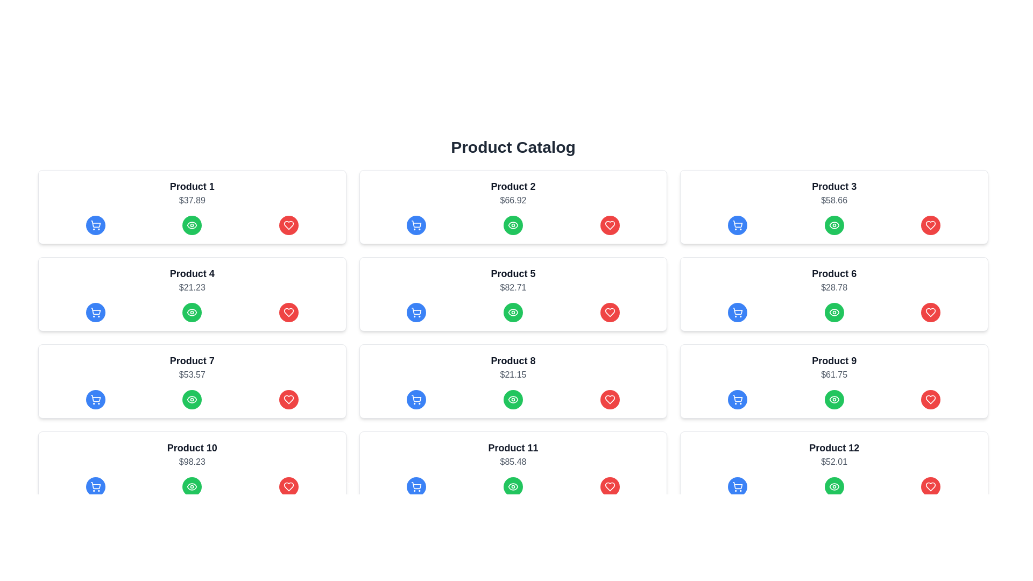 This screenshot has height=581, width=1033. Describe the element at coordinates (288, 313) in the screenshot. I see `the 'favorite' icon for 'Product 4'` at that location.